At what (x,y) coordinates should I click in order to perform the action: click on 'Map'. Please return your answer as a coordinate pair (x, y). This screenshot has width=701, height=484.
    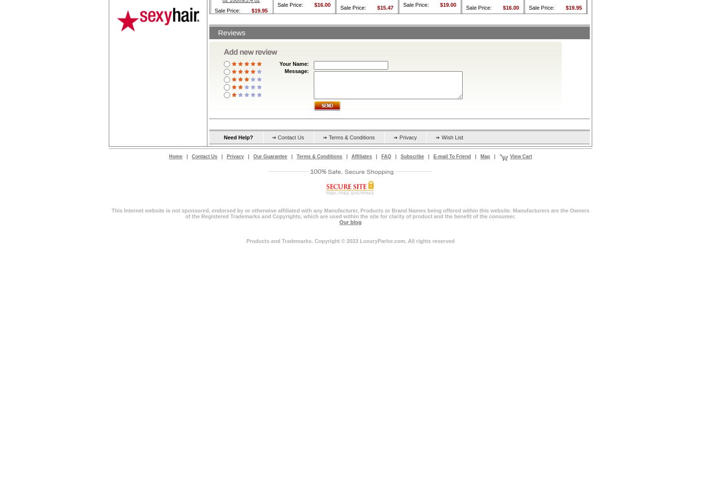
    Looking at the image, I should click on (484, 155).